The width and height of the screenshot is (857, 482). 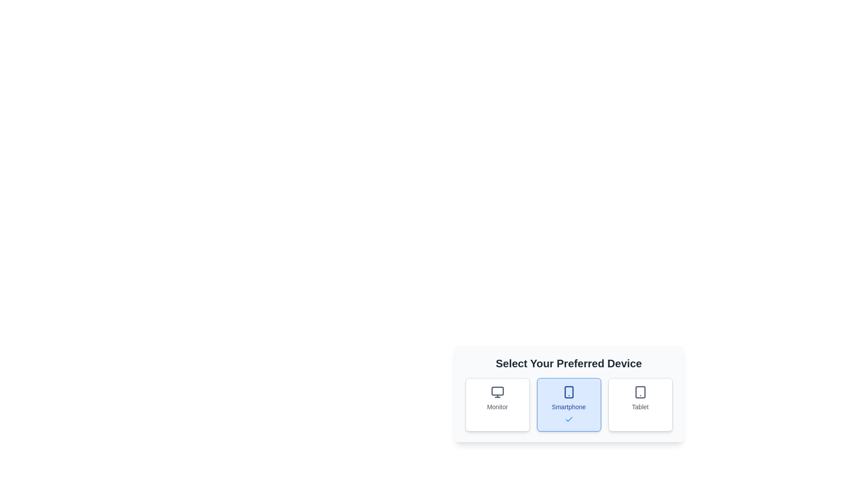 I want to click on the state of the checkmark icon indicating the selection of the 'Smartphone' option in the interface, located at the bottom of the 'Smartphone' card, so click(x=568, y=420).